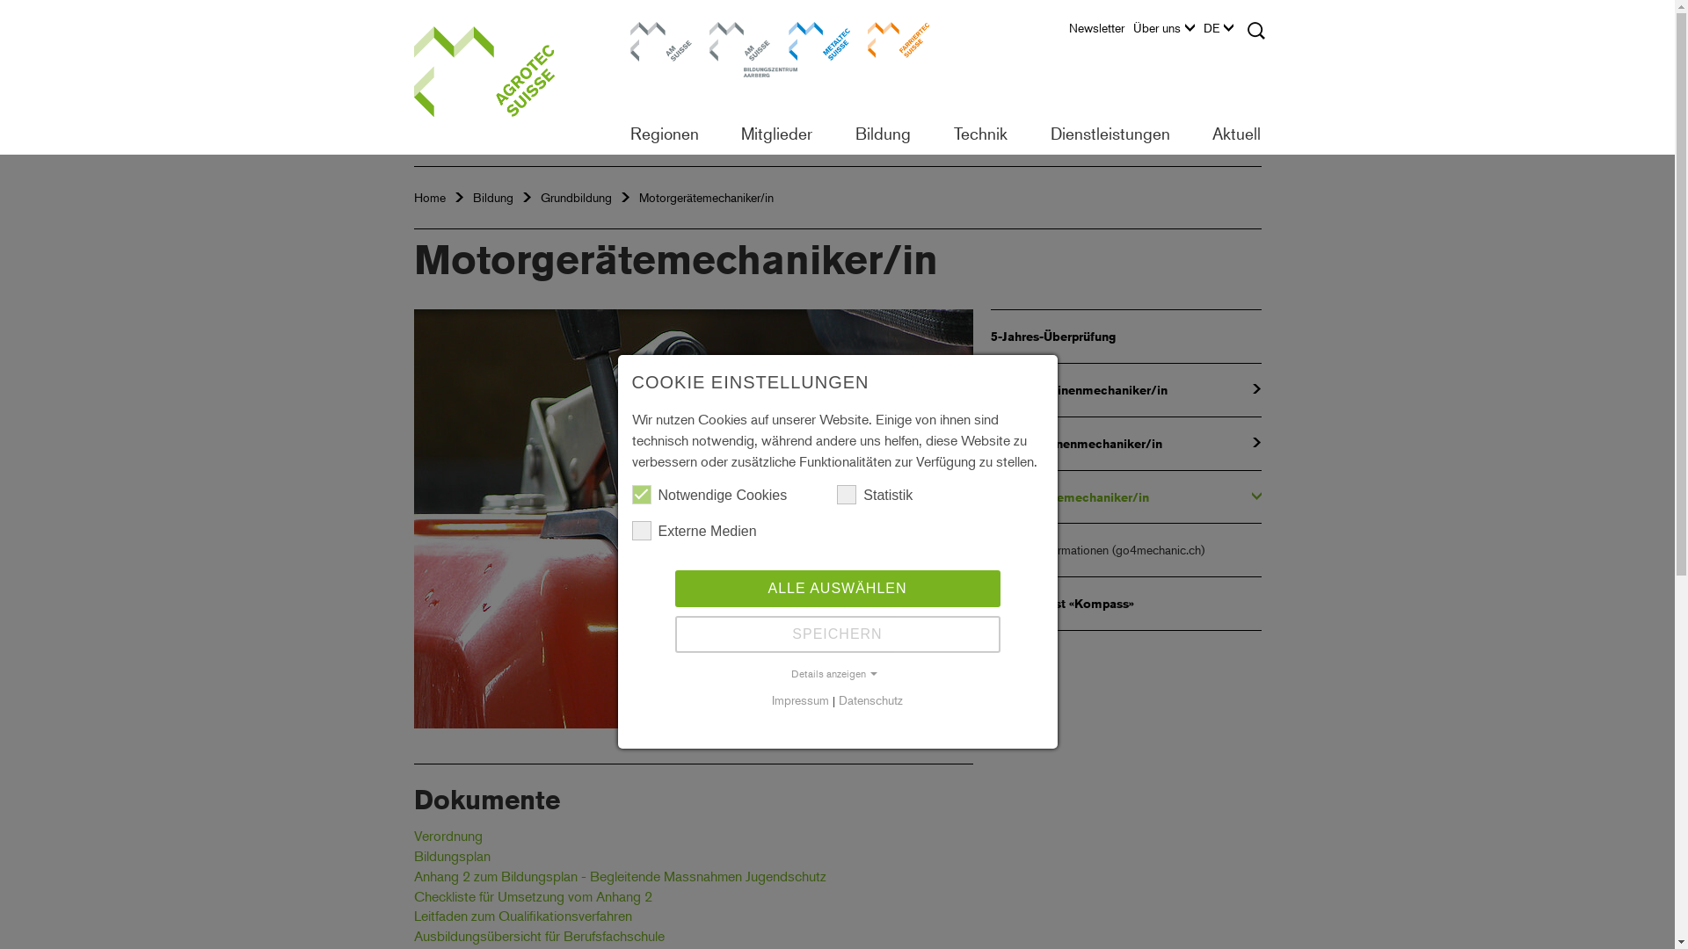 This screenshot has width=1688, height=949. What do you see at coordinates (837, 634) in the screenshot?
I see `'SPEICHERN'` at bounding box center [837, 634].